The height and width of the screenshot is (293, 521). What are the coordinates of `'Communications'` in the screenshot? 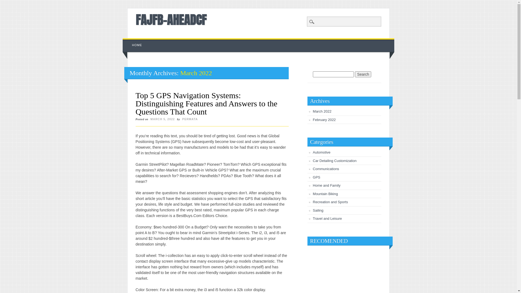 It's located at (326, 168).